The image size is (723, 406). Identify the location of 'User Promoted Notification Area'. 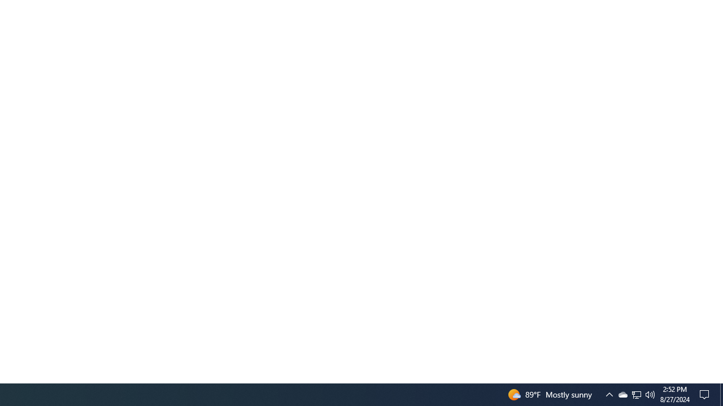
(650, 394).